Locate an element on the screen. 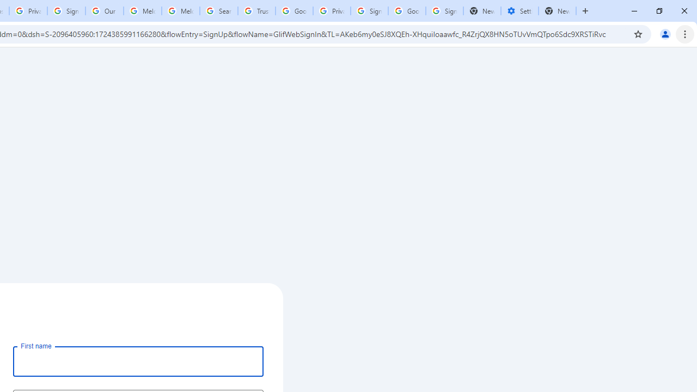 Image resolution: width=697 pixels, height=392 pixels. 'Google Cybersecurity Innovations - Google Safety Center' is located at coordinates (406, 11).